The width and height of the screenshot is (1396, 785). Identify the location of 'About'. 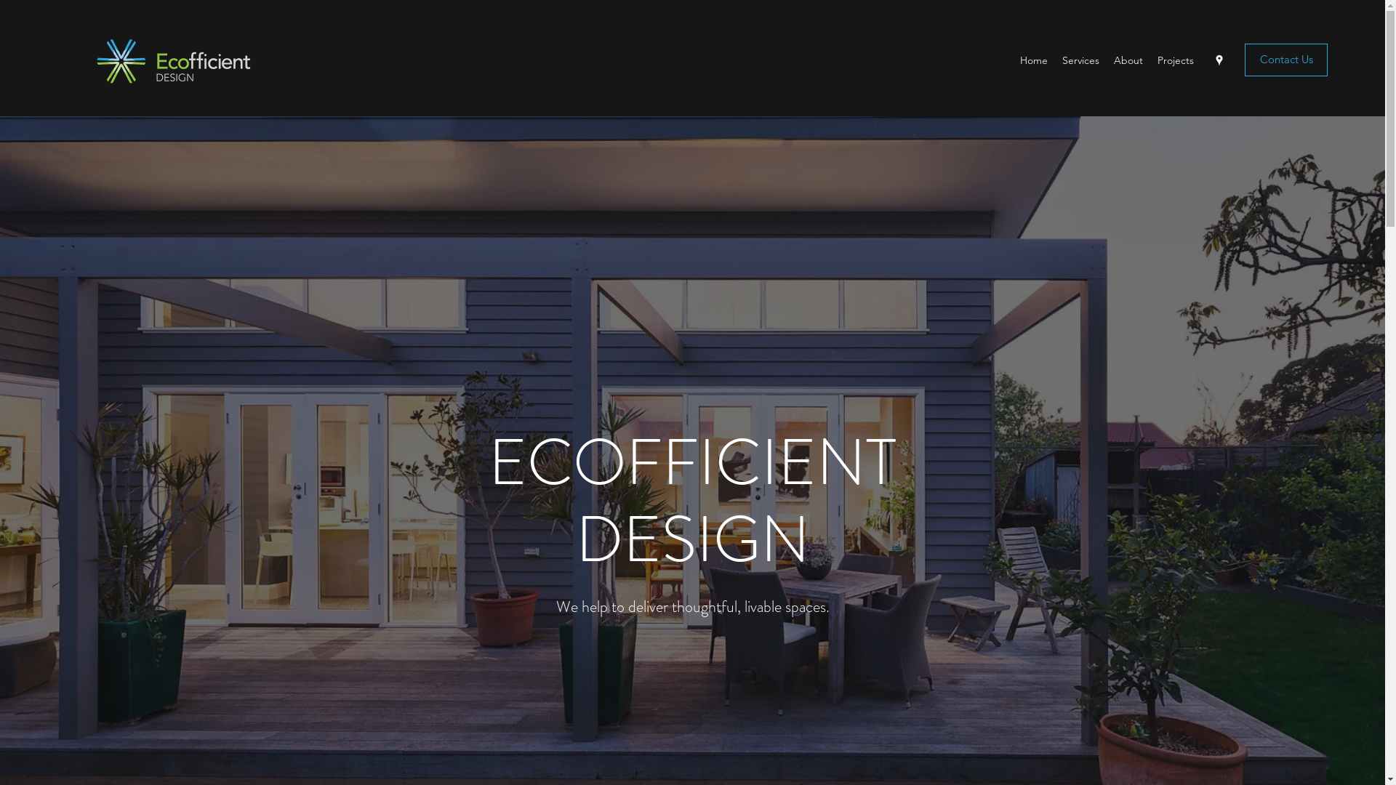
(1127, 60).